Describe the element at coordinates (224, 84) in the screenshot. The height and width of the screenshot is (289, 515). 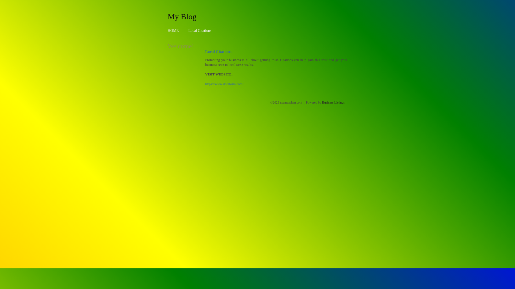
I see `'https://www.deerforia.com/'` at that location.